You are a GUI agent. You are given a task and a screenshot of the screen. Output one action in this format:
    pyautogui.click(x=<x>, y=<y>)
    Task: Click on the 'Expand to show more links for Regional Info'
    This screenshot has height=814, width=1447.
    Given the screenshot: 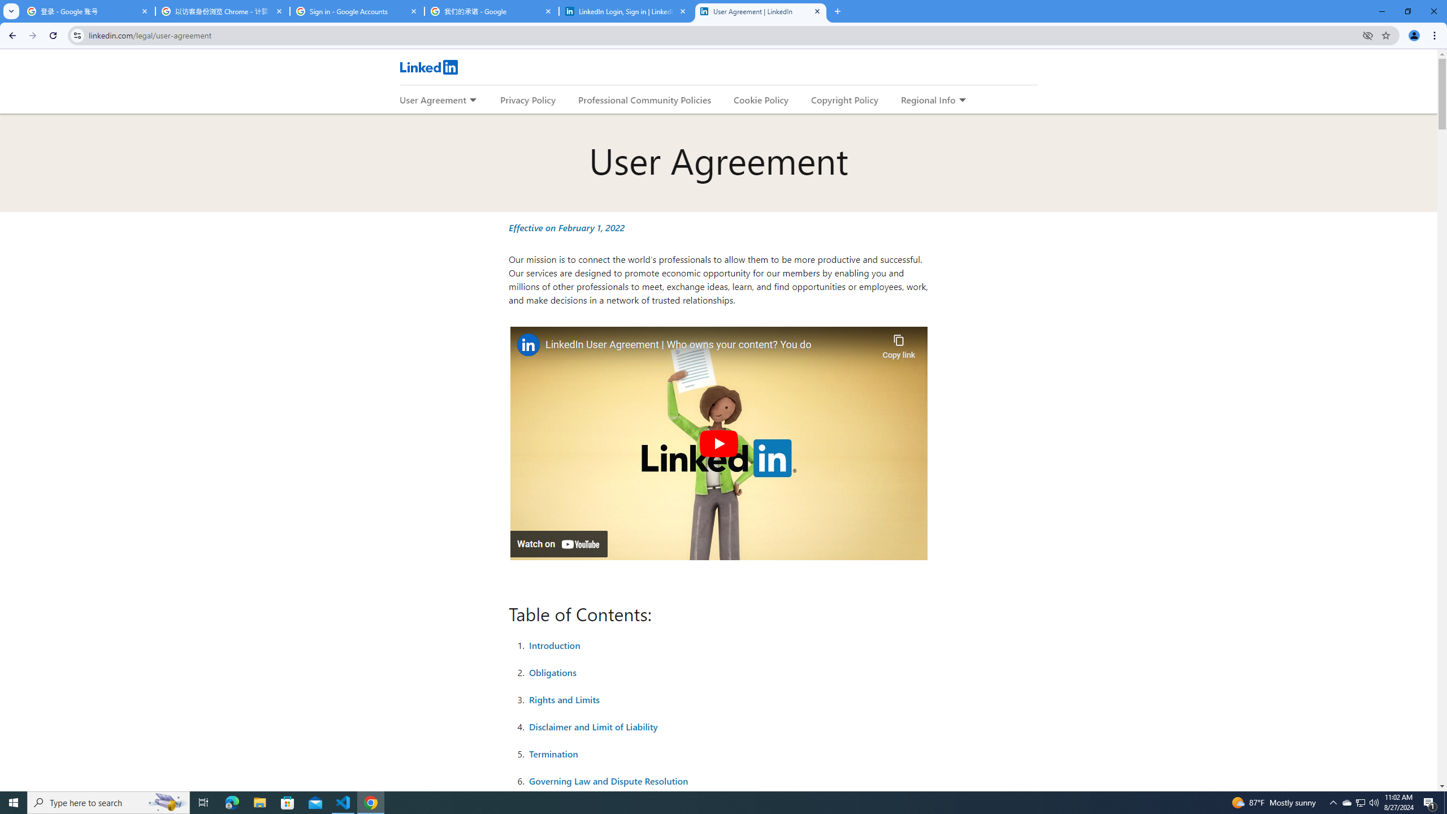 What is the action you would take?
    pyautogui.click(x=961, y=100)
    